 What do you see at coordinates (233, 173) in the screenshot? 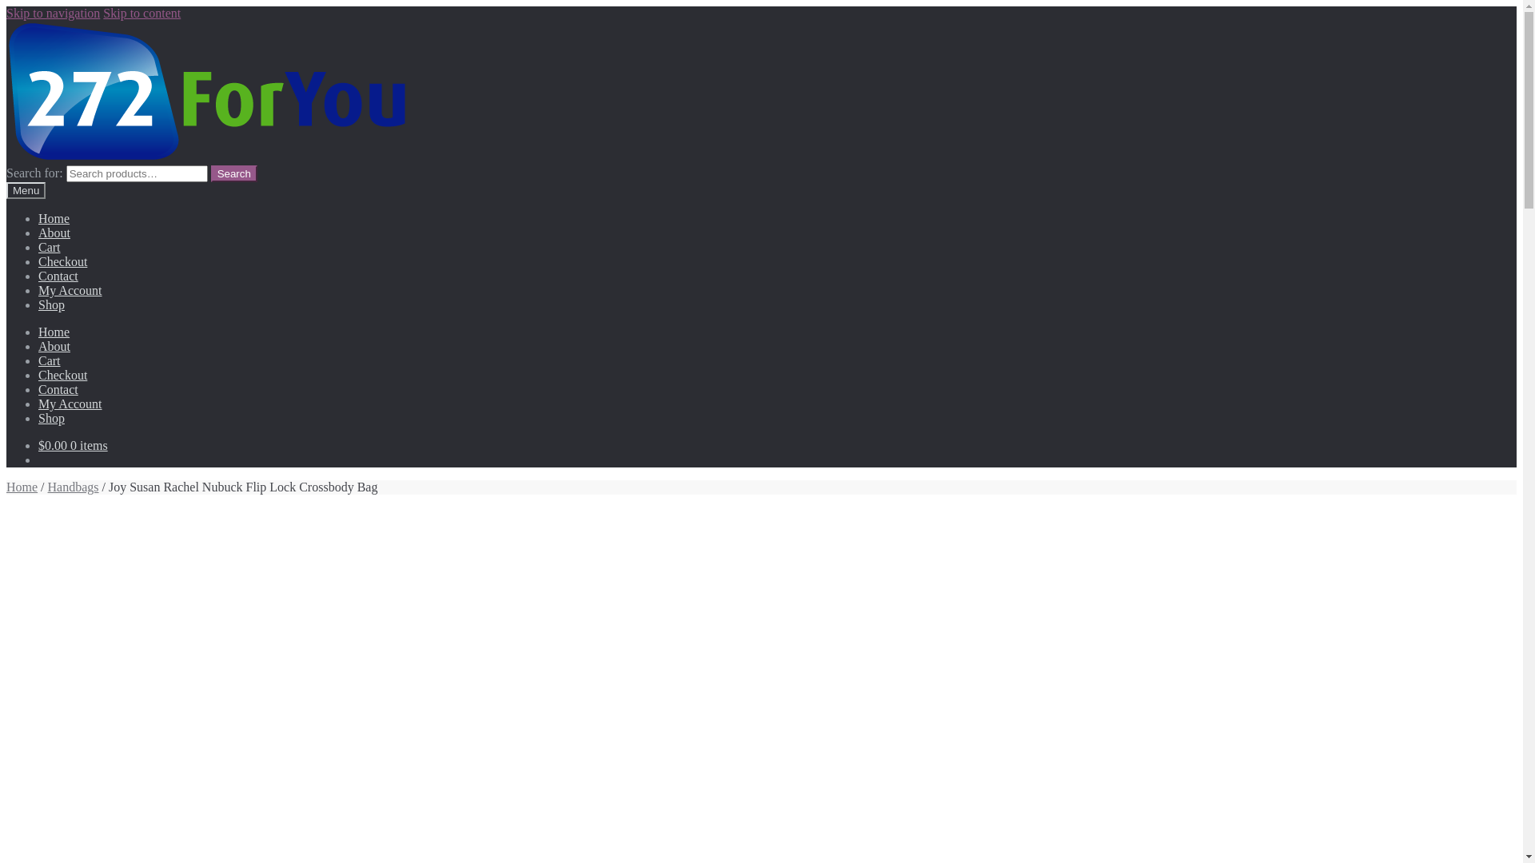
I see `'Search'` at bounding box center [233, 173].